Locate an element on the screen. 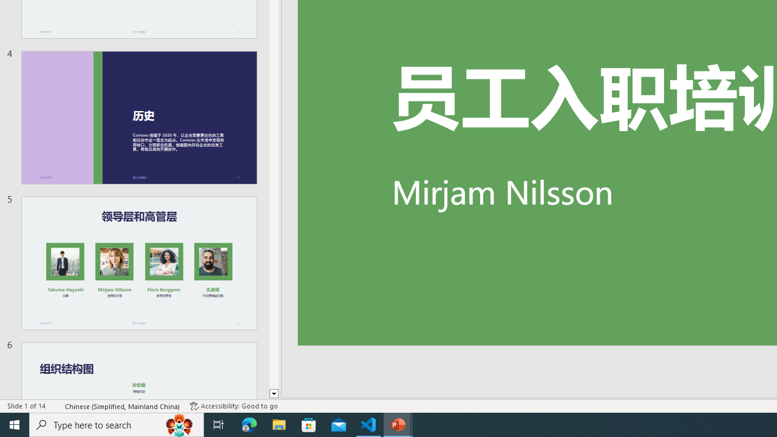 Image resolution: width=777 pixels, height=437 pixels. 'Spell Check ' is located at coordinates (55, 406).